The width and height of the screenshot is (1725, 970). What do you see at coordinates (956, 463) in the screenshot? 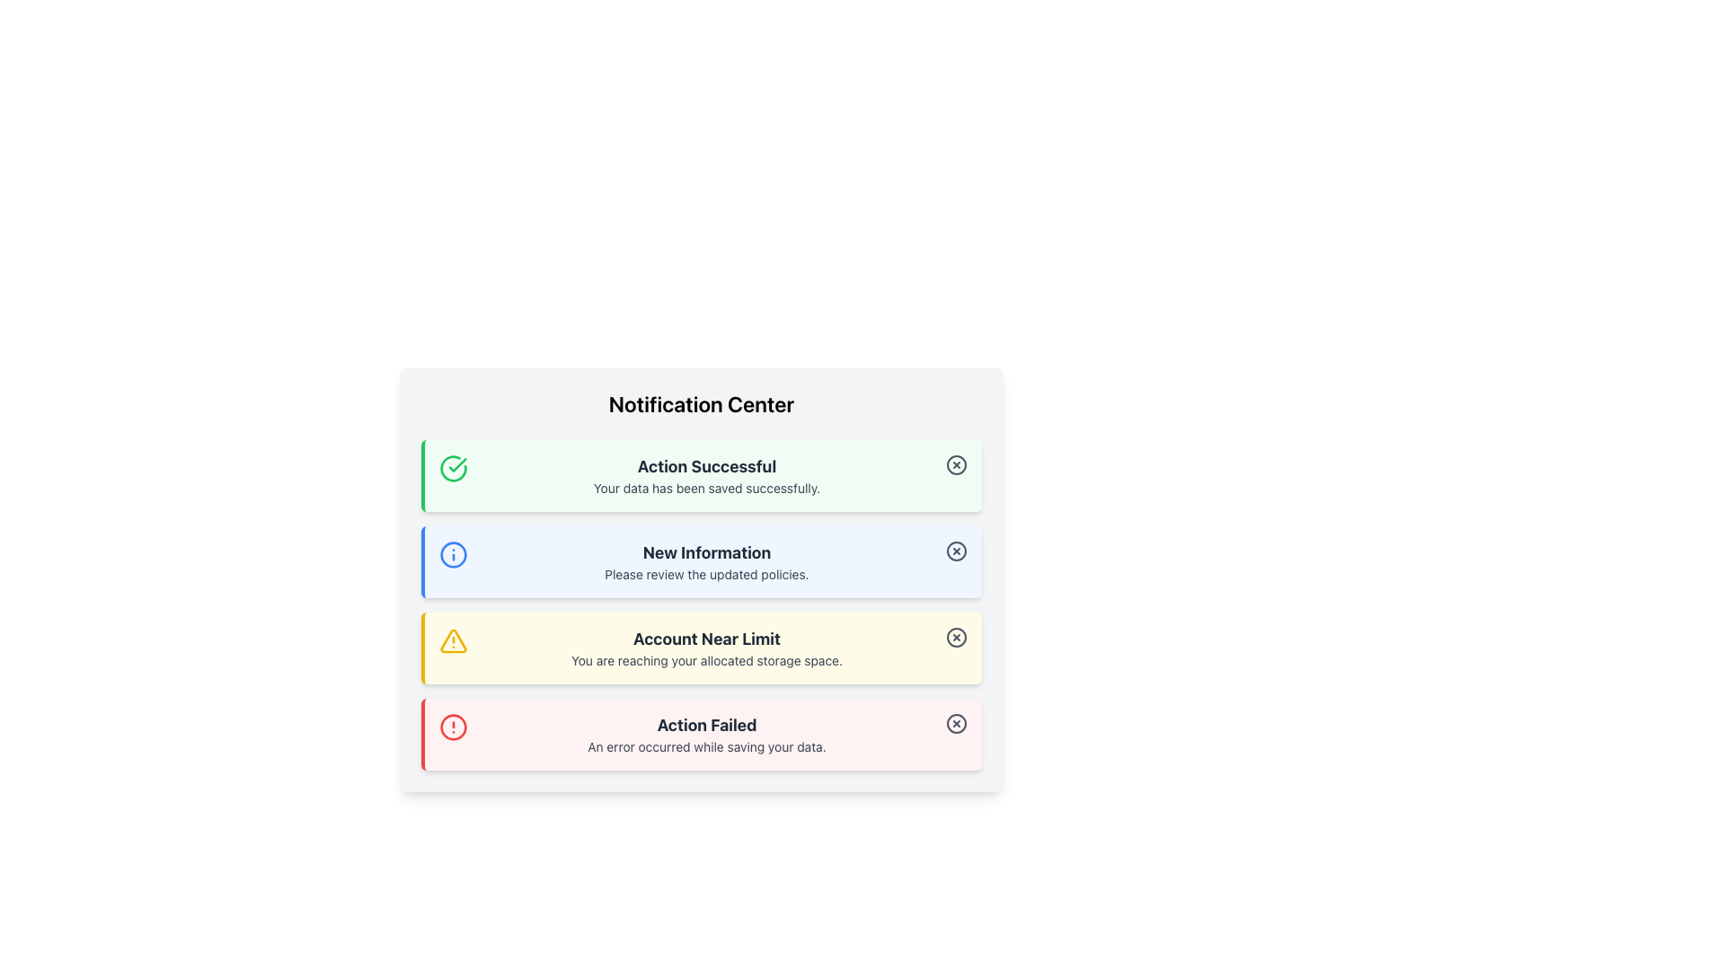
I see `the dismiss button located to the right of the 'Action Successful' label in the first notification of the notification center` at bounding box center [956, 463].